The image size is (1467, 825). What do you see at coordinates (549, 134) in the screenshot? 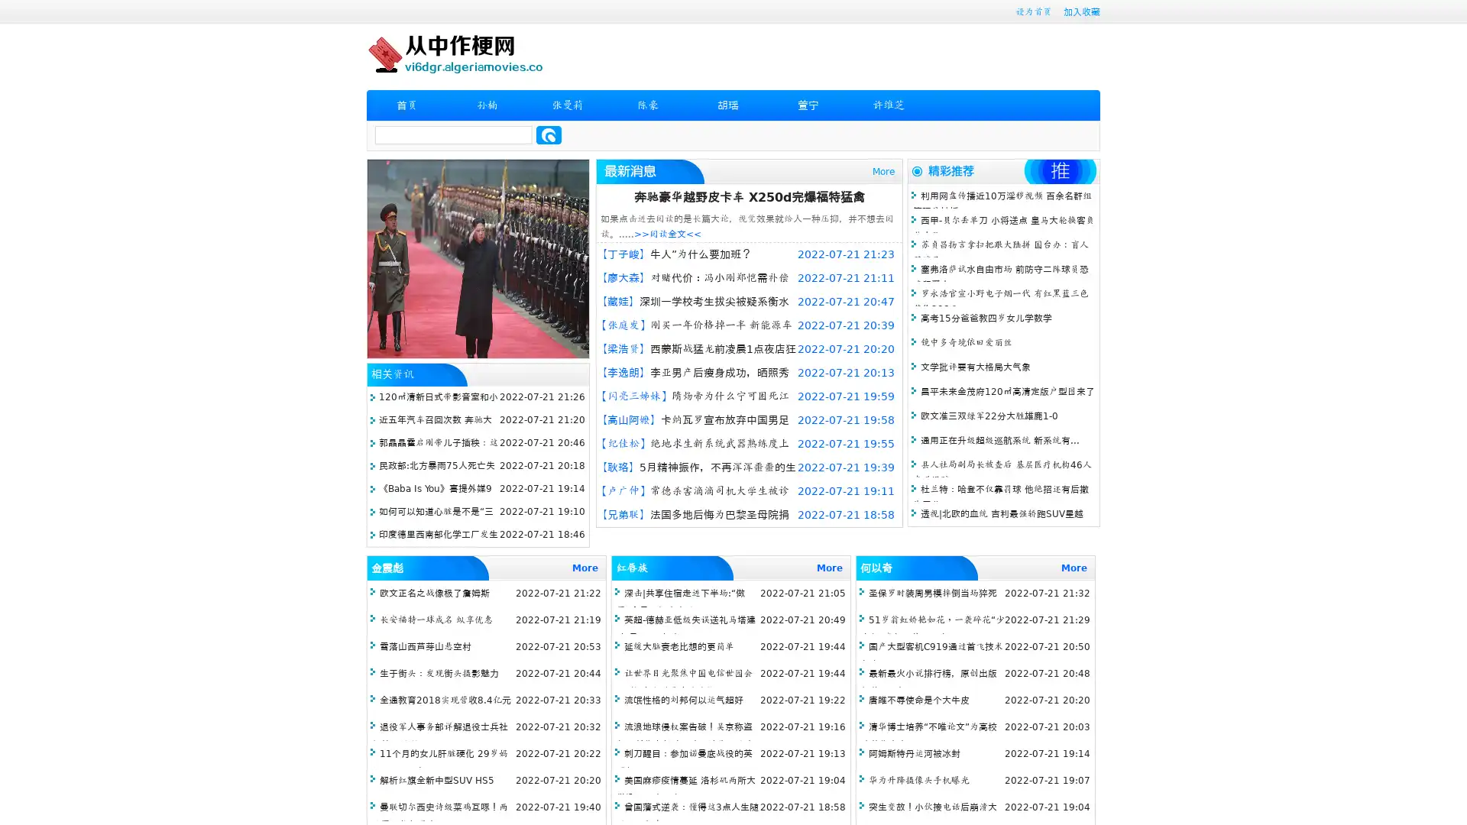
I see `Search` at bounding box center [549, 134].